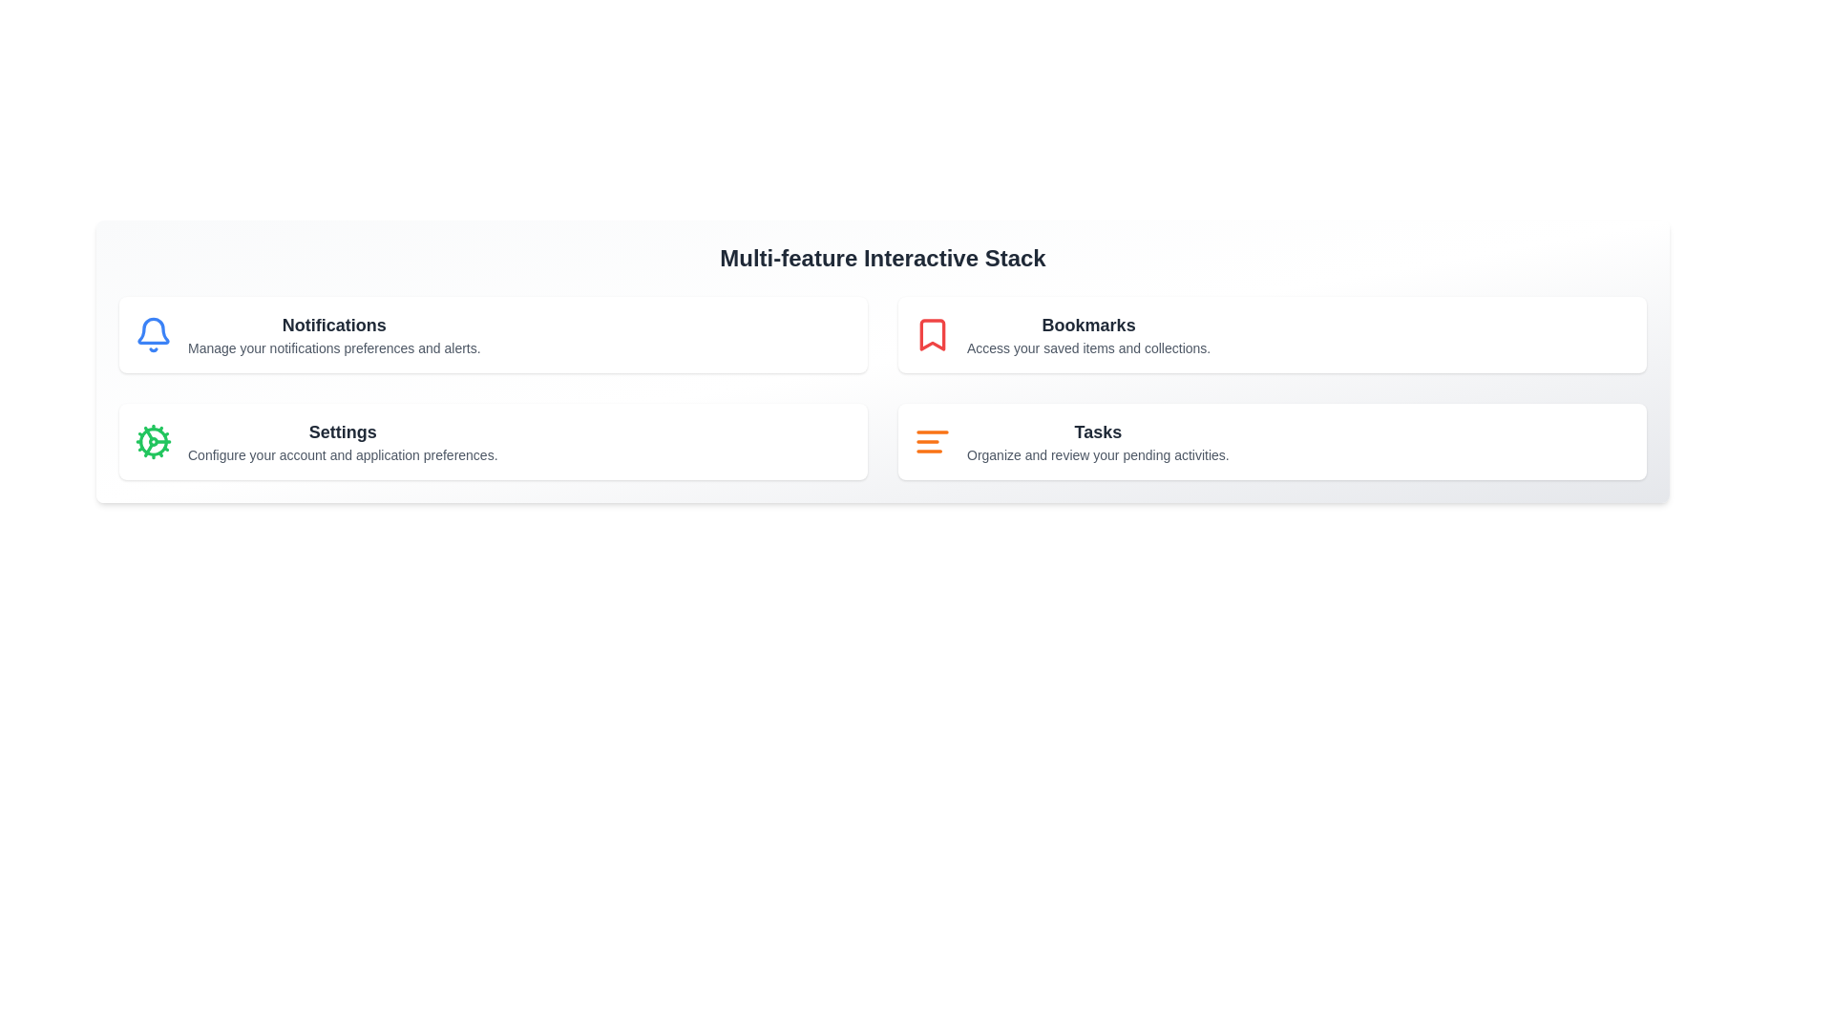 This screenshot has width=1833, height=1031. What do you see at coordinates (1098, 441) in the screenshot?
I see `the 'Tasks' label and description element, which consists of a bold heading and a lighter descriptive text, located in the third box of the right column under 'Multi-feature Interactive Stack'` at bounding box center [1098, 441].